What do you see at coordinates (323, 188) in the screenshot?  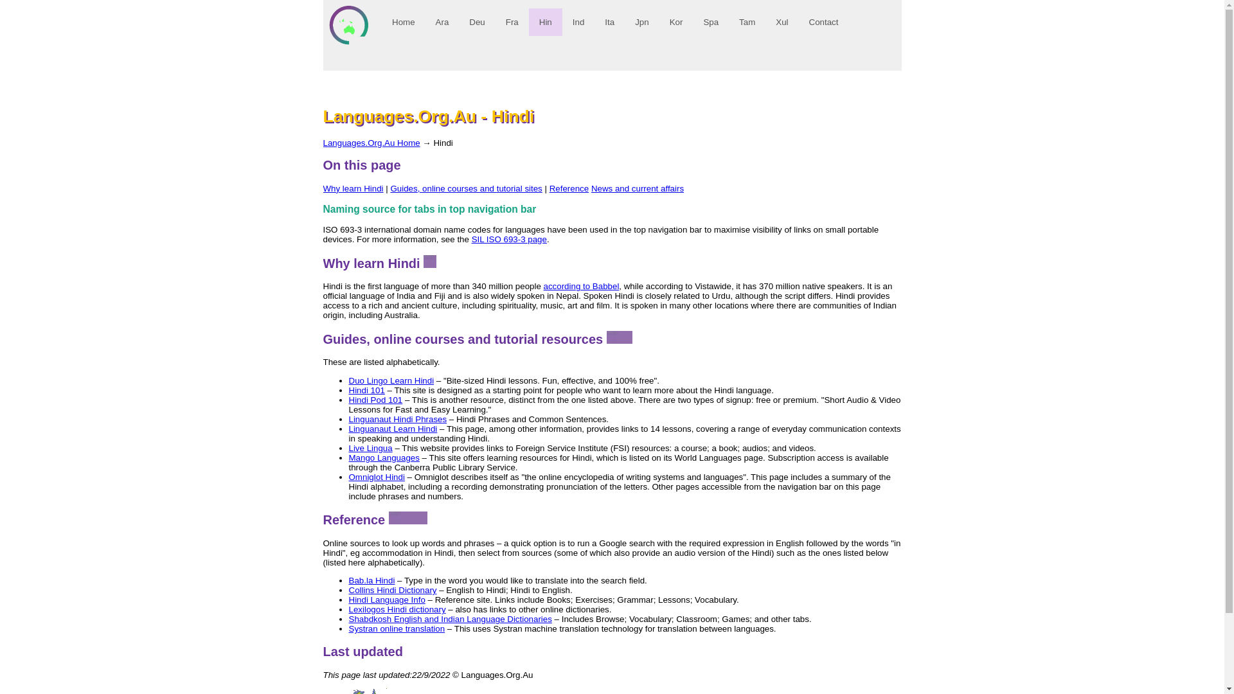 I see `'Why learn Hindi'` at bounding box center [323, 188].